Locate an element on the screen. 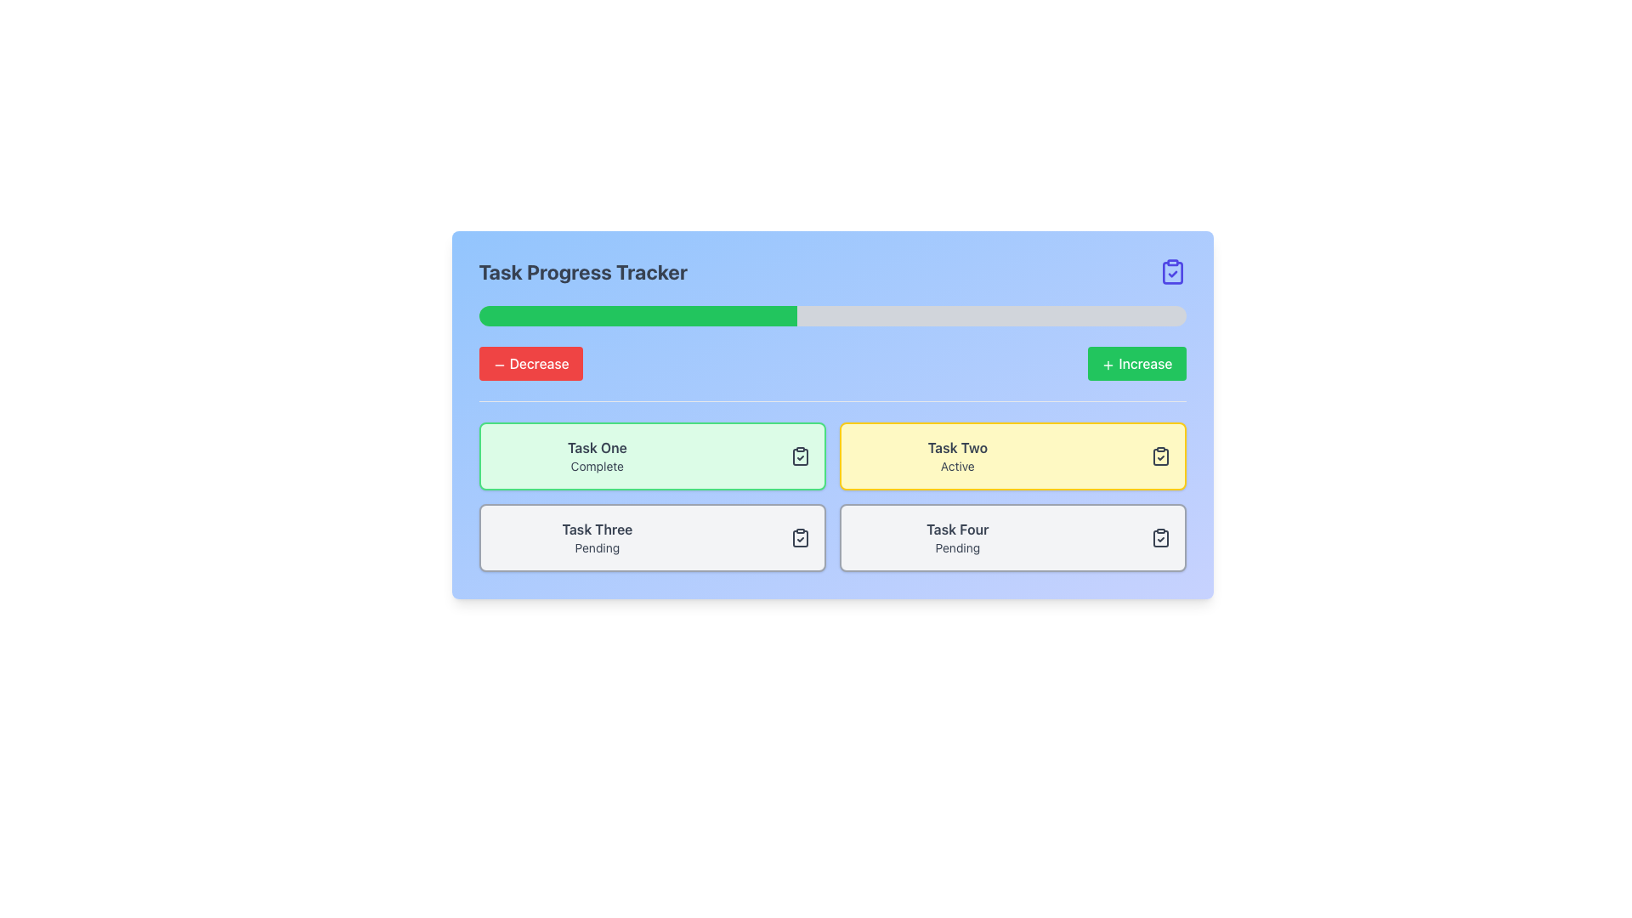 This screenshot has height=918, width=1632. text 'Task One' displayed in bold font on the green-colored task card located in the left center of the grid is located at coordinates (597, 447).